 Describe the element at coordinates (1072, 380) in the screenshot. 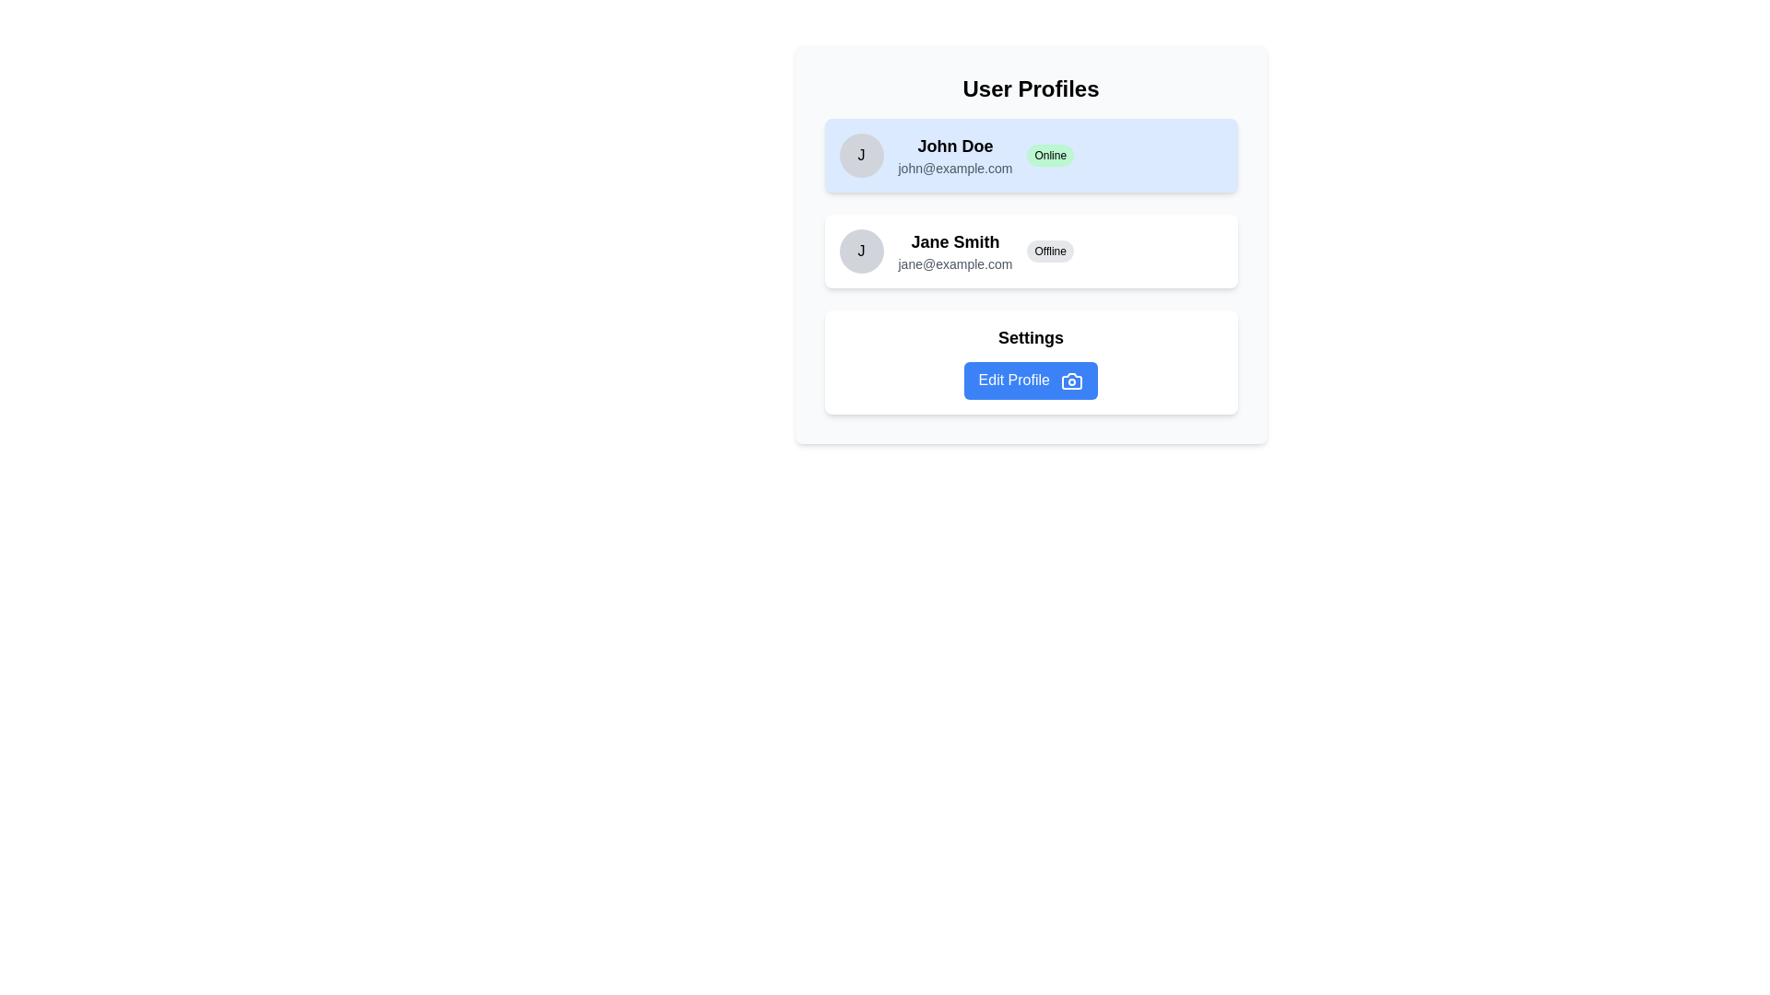

I see `the camera icon with a blue background located next to the 'Edit Profile' button text in the settings section of the user profiles page` at that location.